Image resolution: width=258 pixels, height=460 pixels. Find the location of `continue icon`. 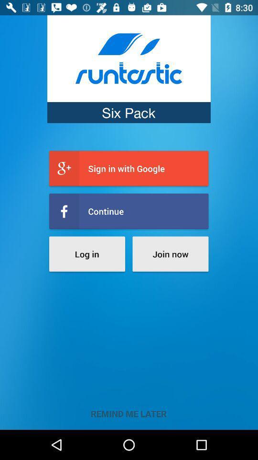

continue icon is located at coordinates (129, 211).